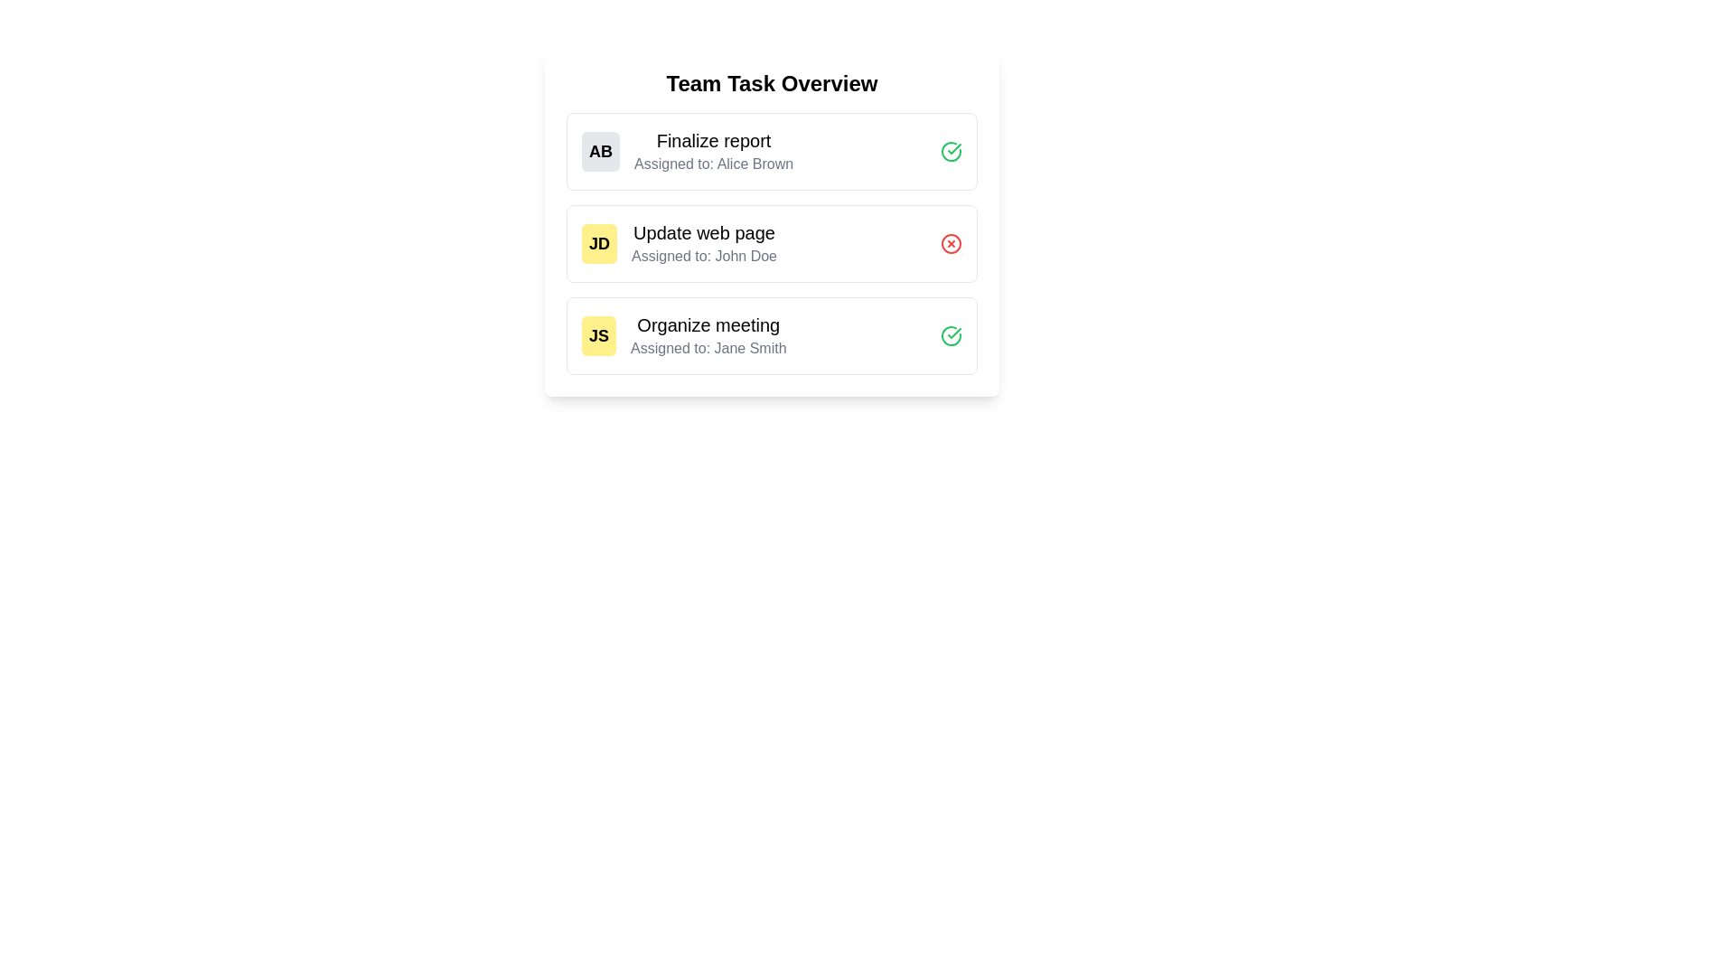  I want to click on text label displaying the title of the third task item in the 'Team Task Overview' card, located to the right of the 'JS' icon and above 'Assigned to: Jane Smith', so click(708, 324).